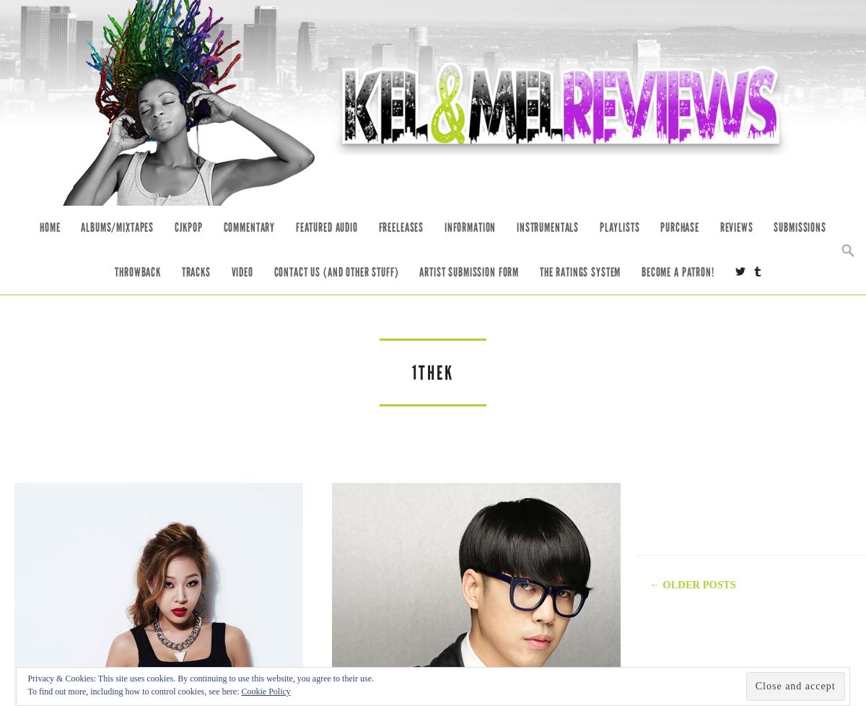  What do you see at coordinates (546, 227) in the screenshot?
I see `'Instrumentals'` at bounding box center [546, 227].